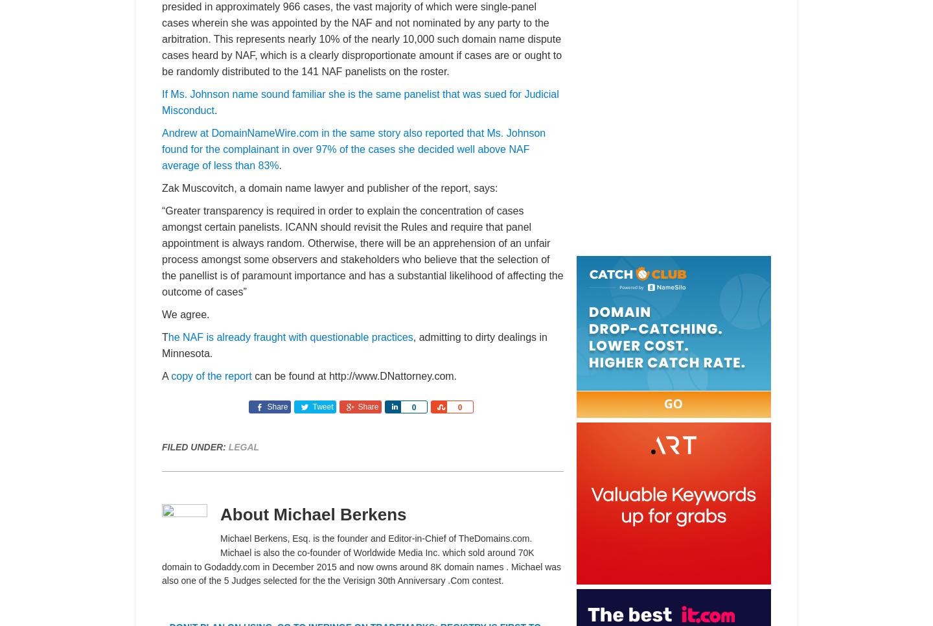 The height and width of the screenshot is (626, 933). I want to click on 'If Ms. Johnson name sound familiar she is the same panelist that was sued for Judicial Misconduct', so click(360, 102).